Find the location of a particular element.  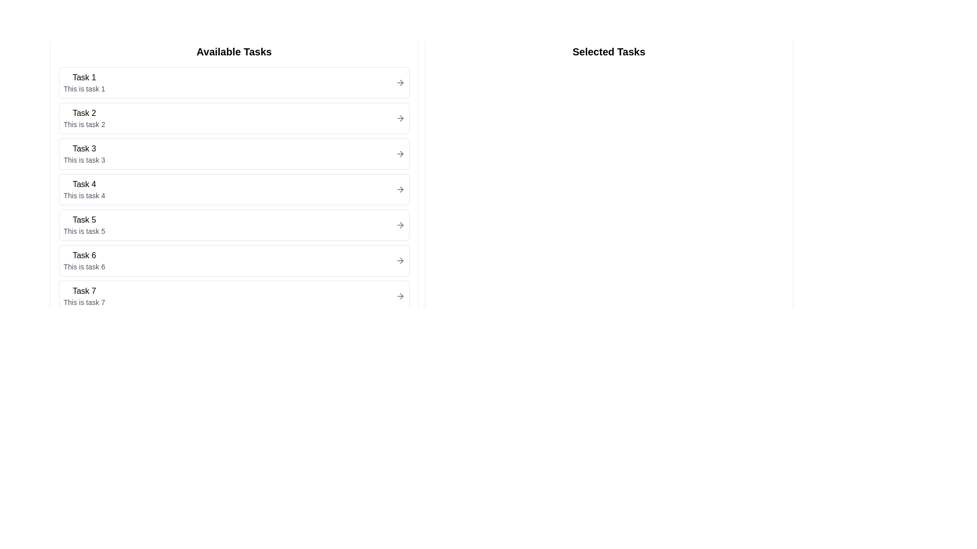

the small right-arrow icon located next to the text 'Task 2' under the 'Available Tasks' column is located at coordinates (399, 117).